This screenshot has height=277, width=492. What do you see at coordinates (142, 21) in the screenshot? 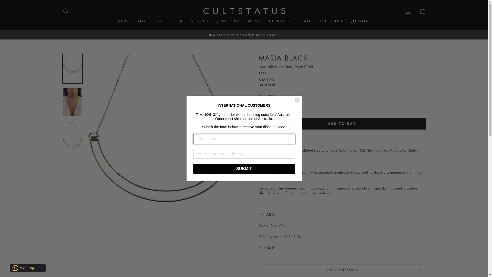
I see `'BAGS'` at bounding box center [142, 21].